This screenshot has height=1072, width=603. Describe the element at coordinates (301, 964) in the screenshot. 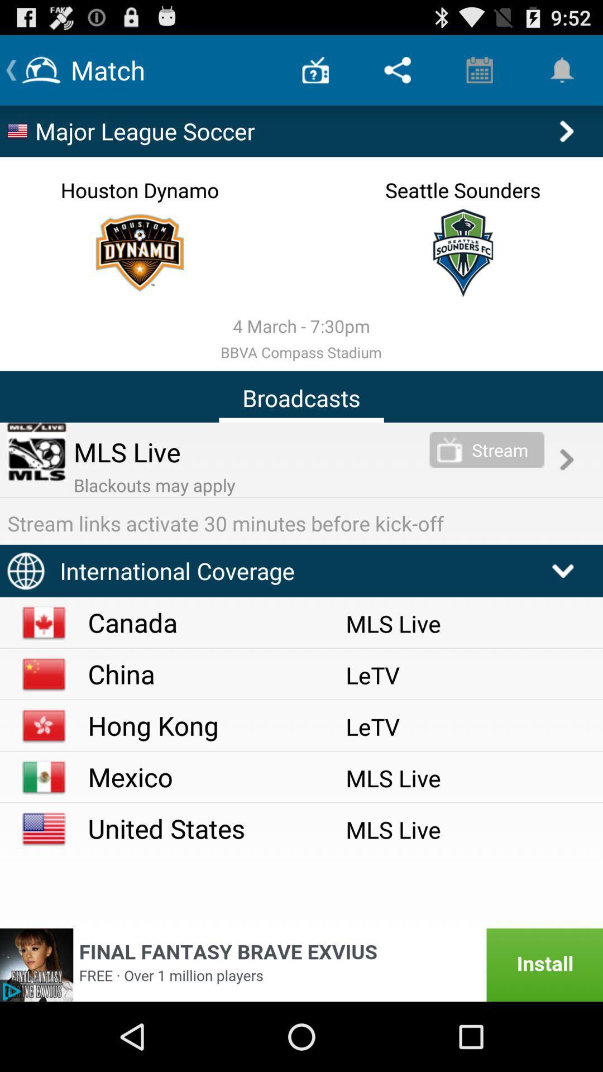

I see `open final fantasy brave exvius advertisement` at that location.